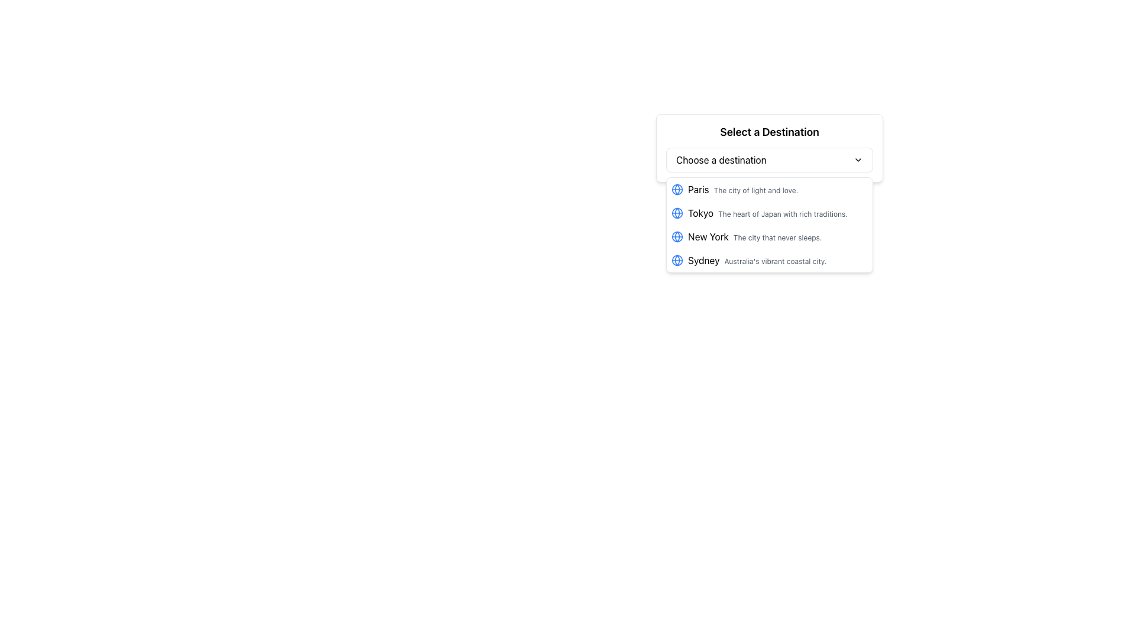  Describe the element at coordinates (677, 188) in the screenshot. I see `the globe icon styled in blue, which is the first icon to the left of the text label 'Paris' in the dropdown option list under 'Select a Destination'` at that location.